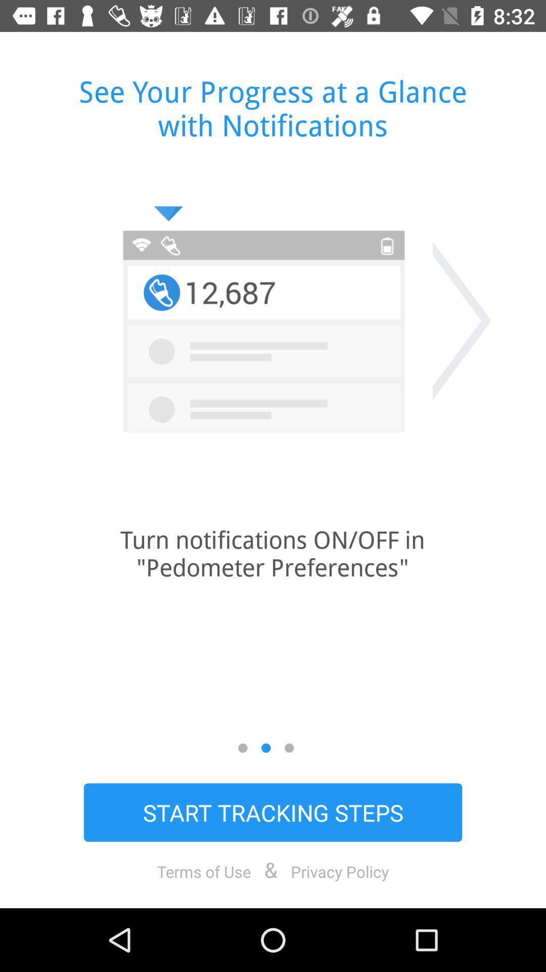 Image resolution: width=546 pixels, height=972 pixels. What do you see at coordinates (340, 871) in the screenshot?
I see `icon below start tracking steps` at bounding box center [340, 871].